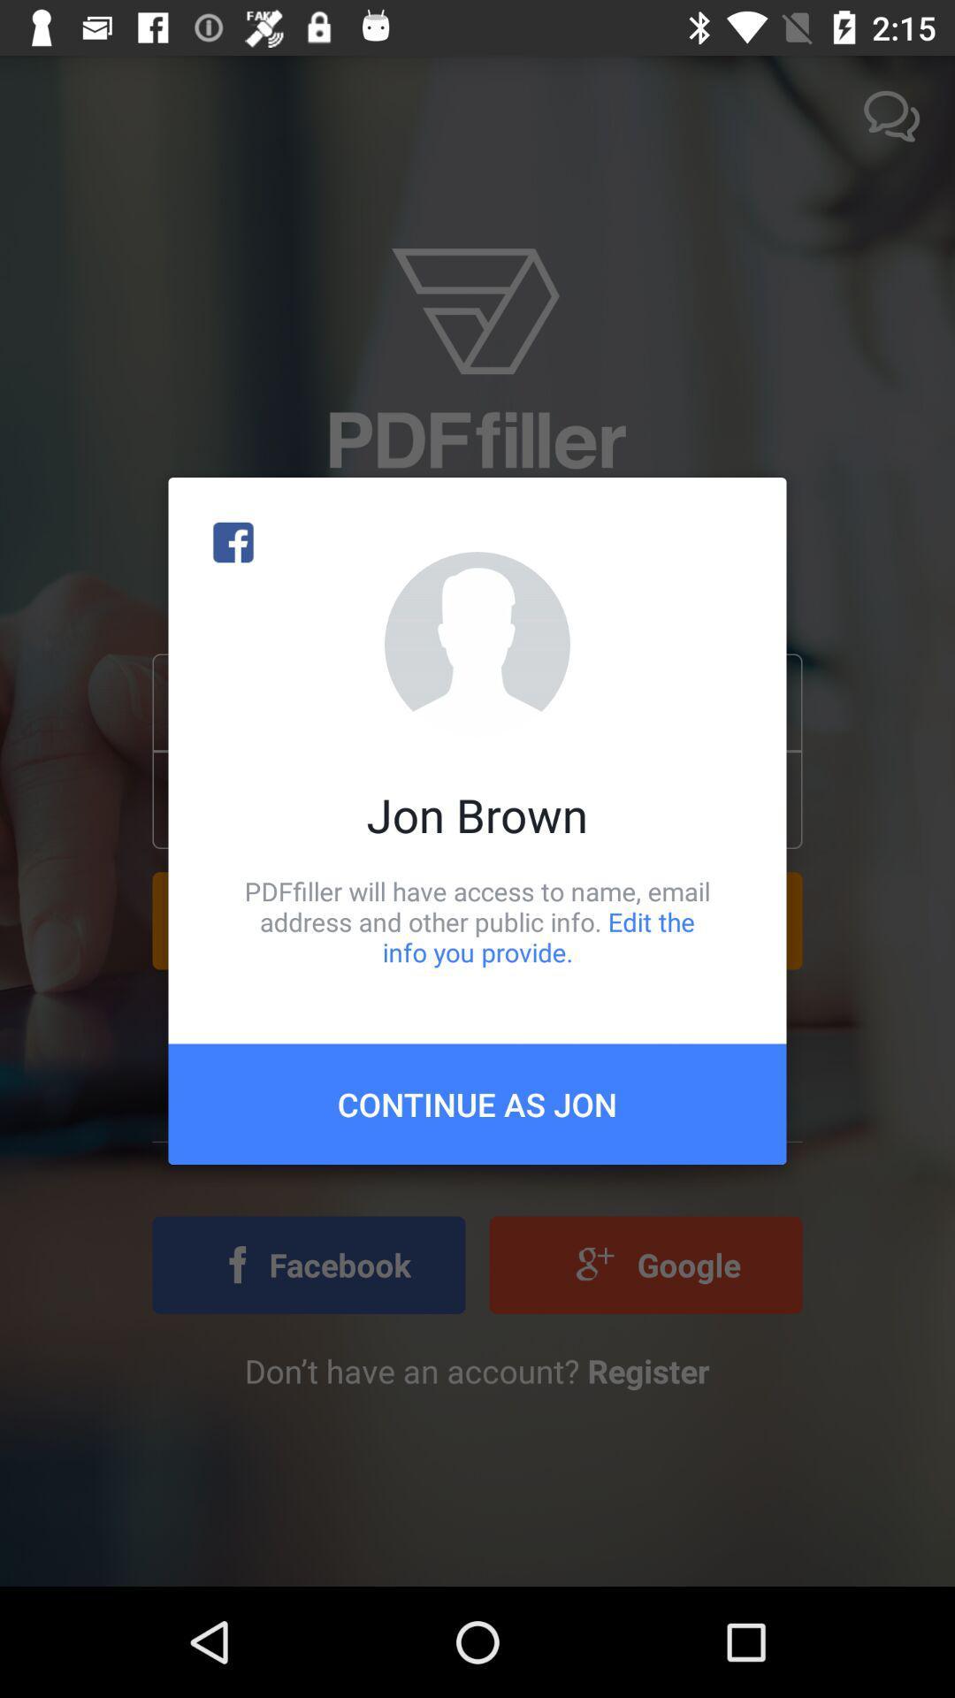  Describe the element at coordinates (477, 921) in the screenshot. I see `the pdffiller will have` at that location.